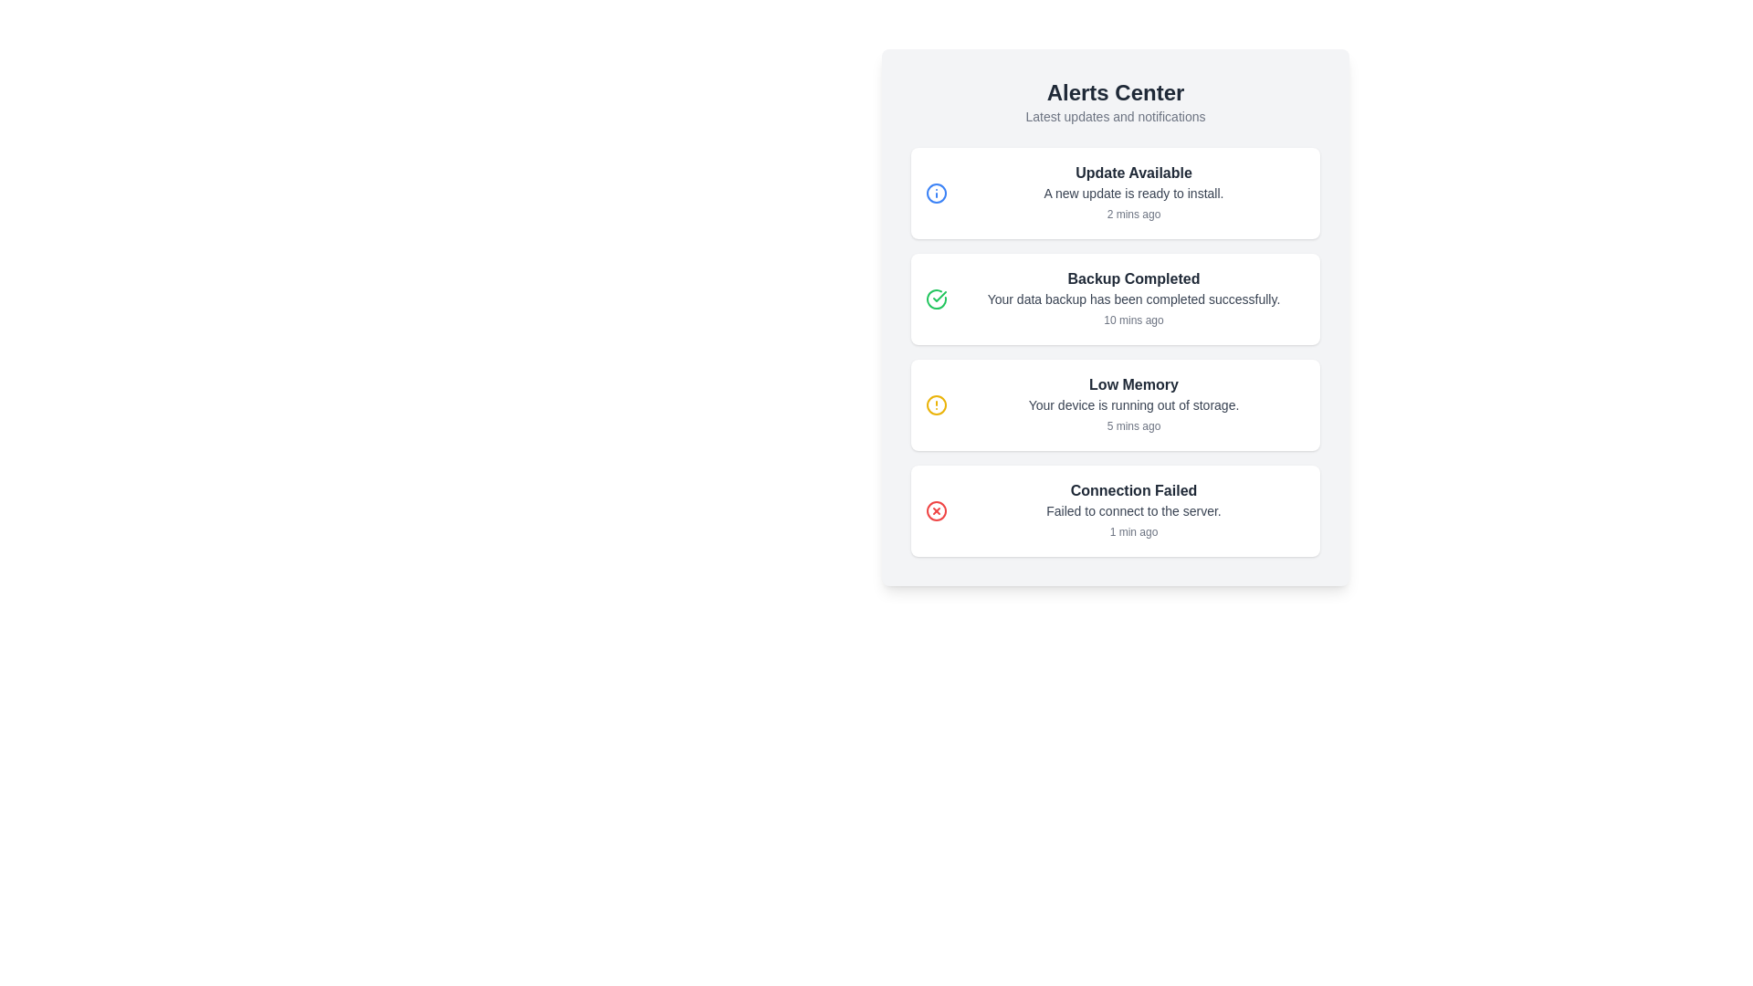  What do you see at coordinates (1133, 489) in the screenshot?
I see `the bolded text label displaying 'Connection Failed', which is the title of the fourth notification in the vertical list of alerts` at bounding box center [1133, 489].